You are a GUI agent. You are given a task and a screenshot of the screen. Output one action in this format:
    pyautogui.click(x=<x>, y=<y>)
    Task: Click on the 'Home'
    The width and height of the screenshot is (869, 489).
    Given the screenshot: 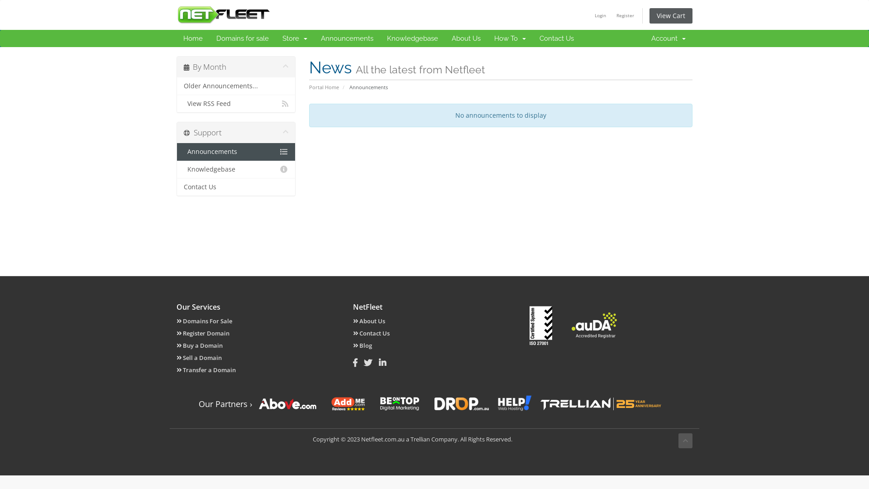 What is the action you would take?
    pyautogui.click(x=192, y=38)
    